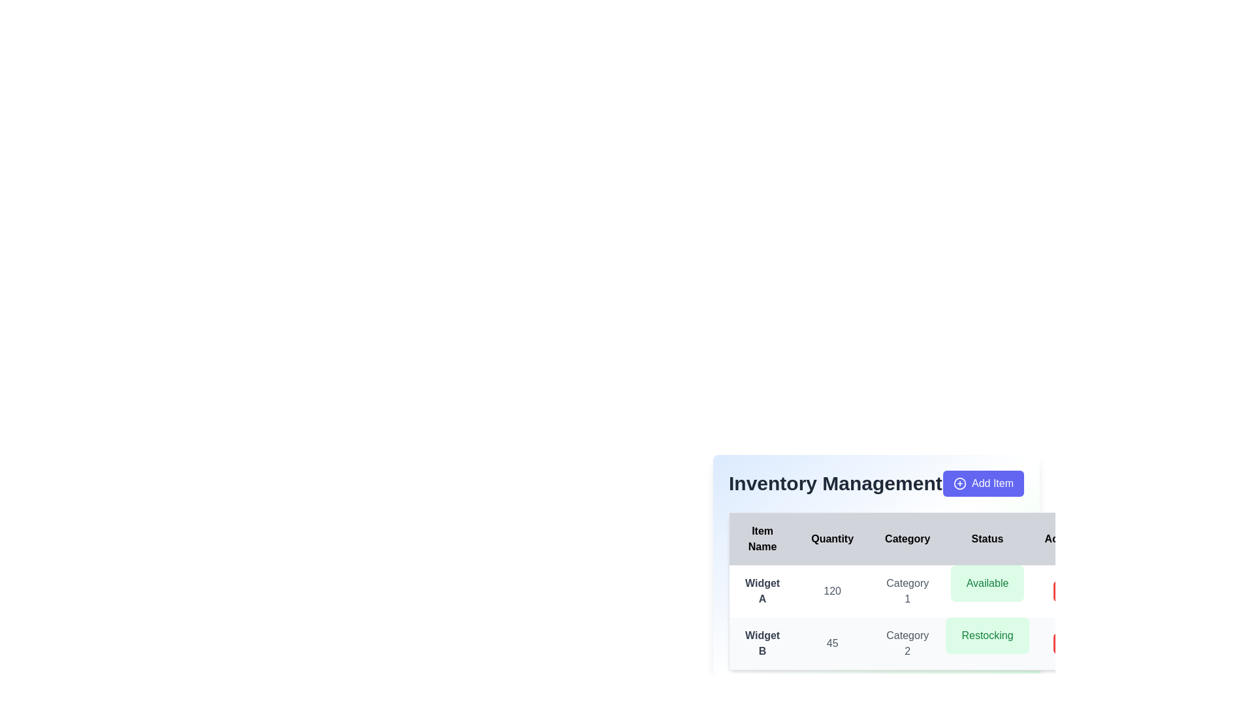  What do you see at coordinates (959, 483) in the screenshot?
I see `the circular icon with a plus symbol inside it, located to the left of the 'Add Item' text in the button at the top right of the interface` at bounding box center [959, 483].